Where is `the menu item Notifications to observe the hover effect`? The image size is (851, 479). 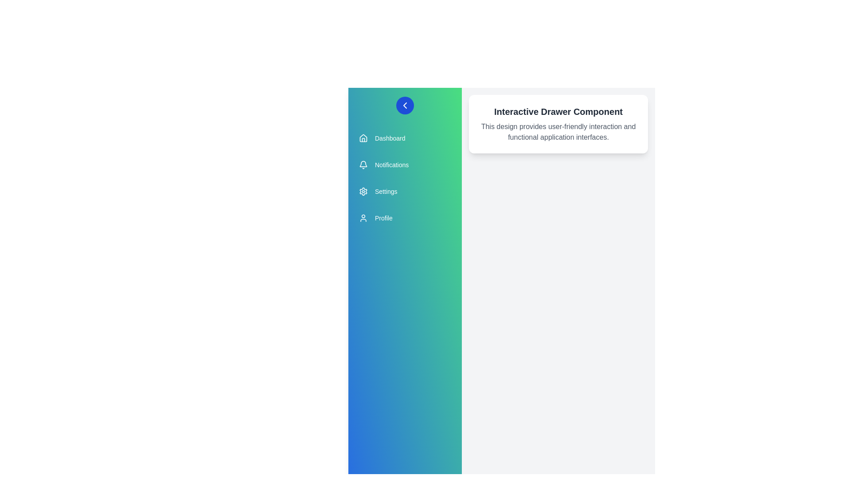
the menu item Notifications to observe the hover effect is located at coordinates (404, 165).